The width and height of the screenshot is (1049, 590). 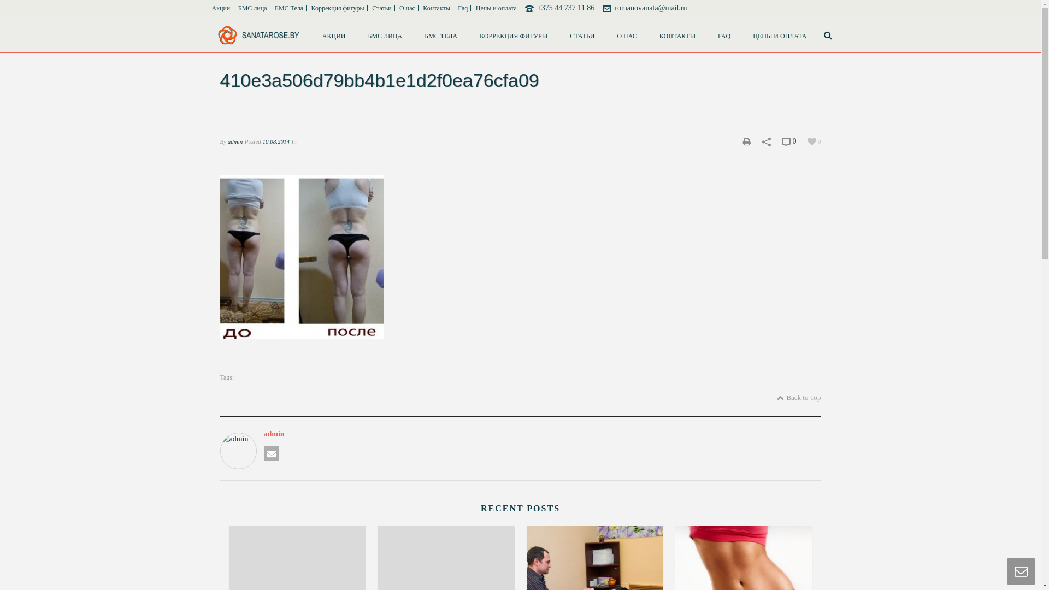 I want to click on '10.08.2014', so click(x=276, y=140).